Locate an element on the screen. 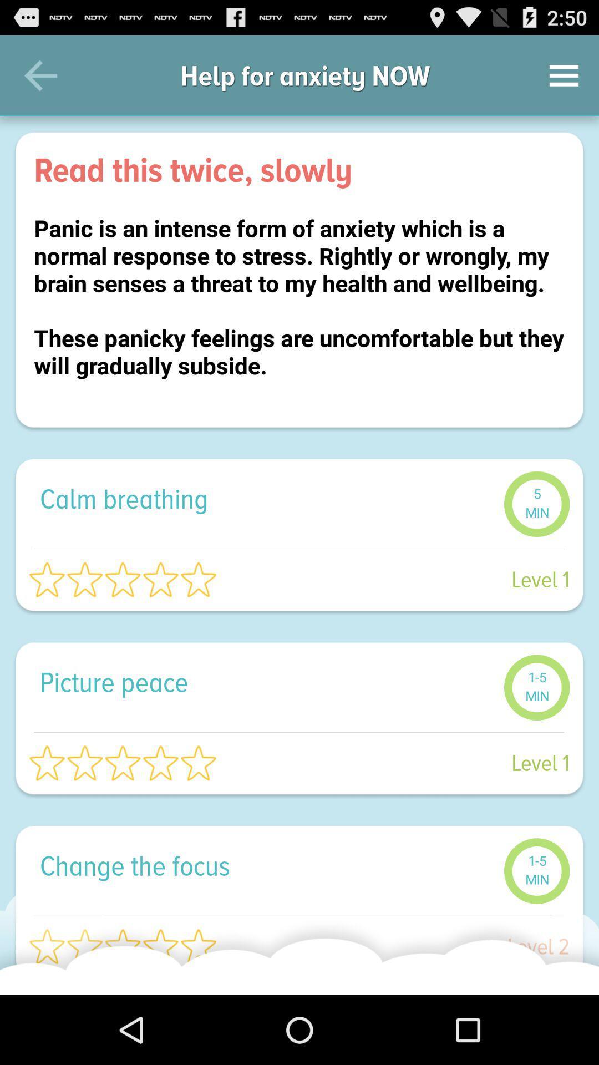 The height and width of the screenshot is (1065, 599). item above panic is an is located at coordinates (299, 169).